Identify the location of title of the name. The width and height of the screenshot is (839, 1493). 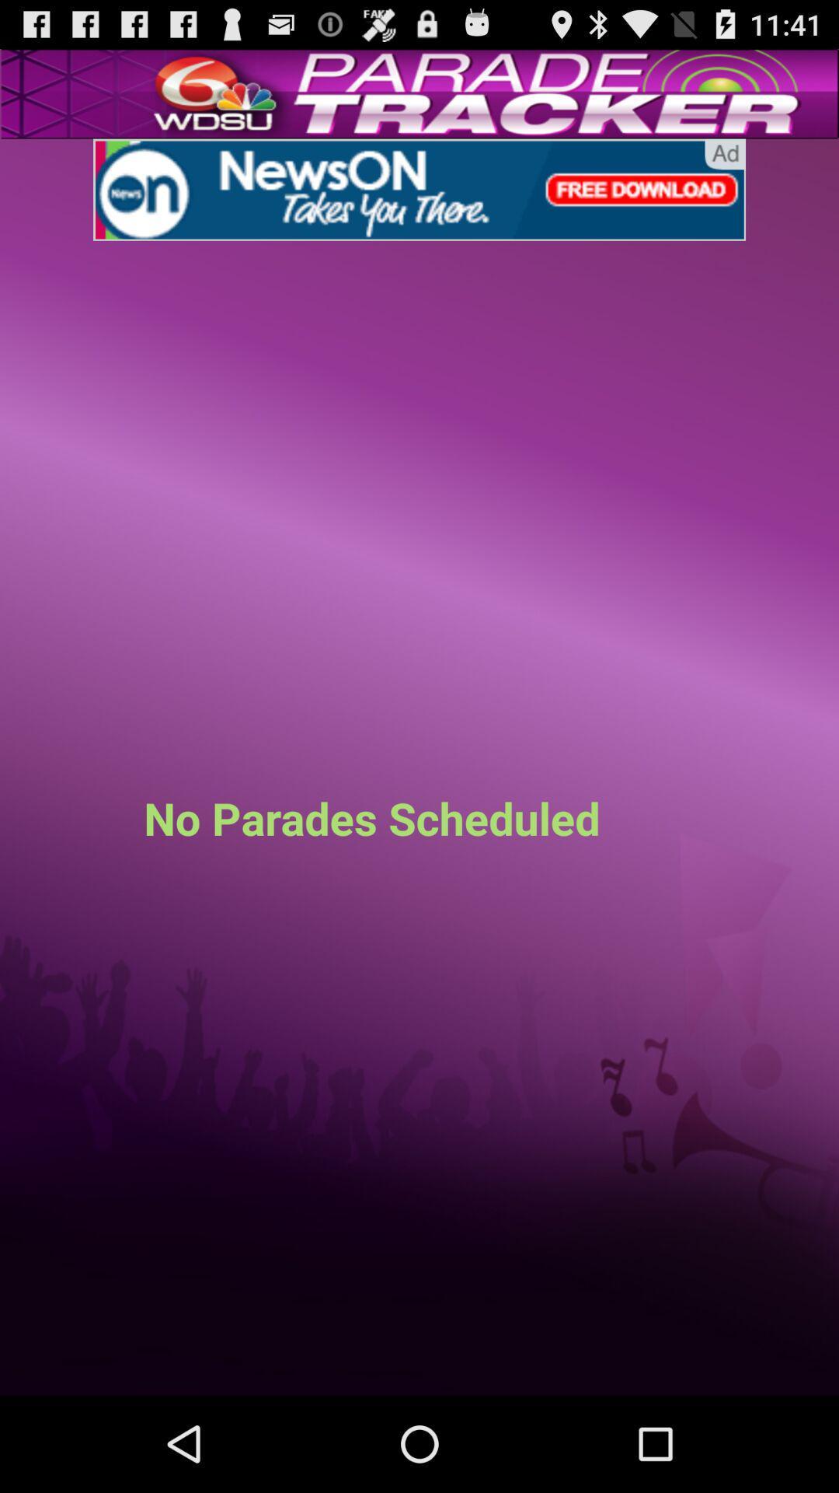
(419, 189).